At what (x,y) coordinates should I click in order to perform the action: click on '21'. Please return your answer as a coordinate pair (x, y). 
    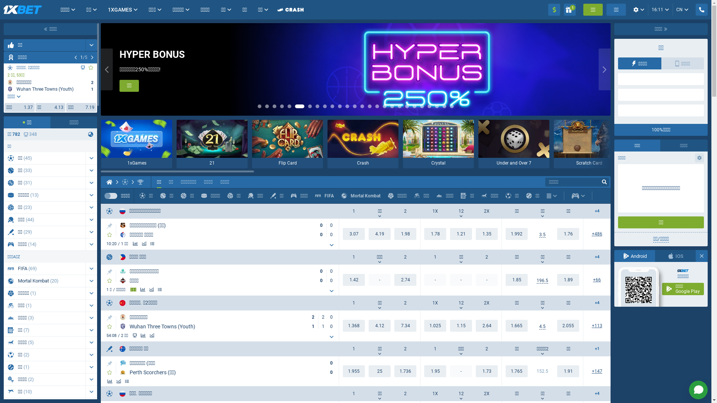
    Looking at the image, I should click on (211, 144).